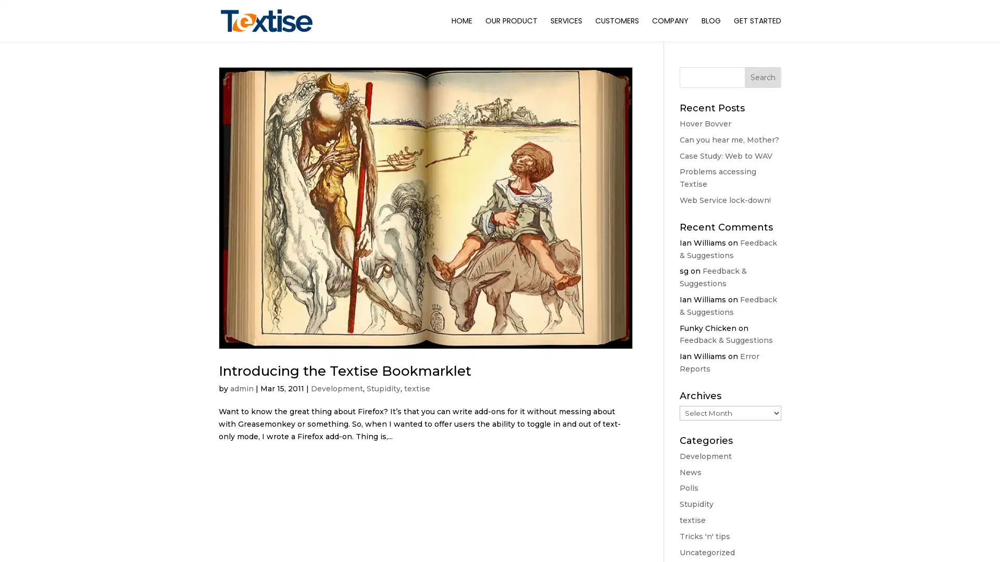  What do you see at coordinates (762, 77) in the screenshot?
I see `Search` at bounding box center [762, 77].